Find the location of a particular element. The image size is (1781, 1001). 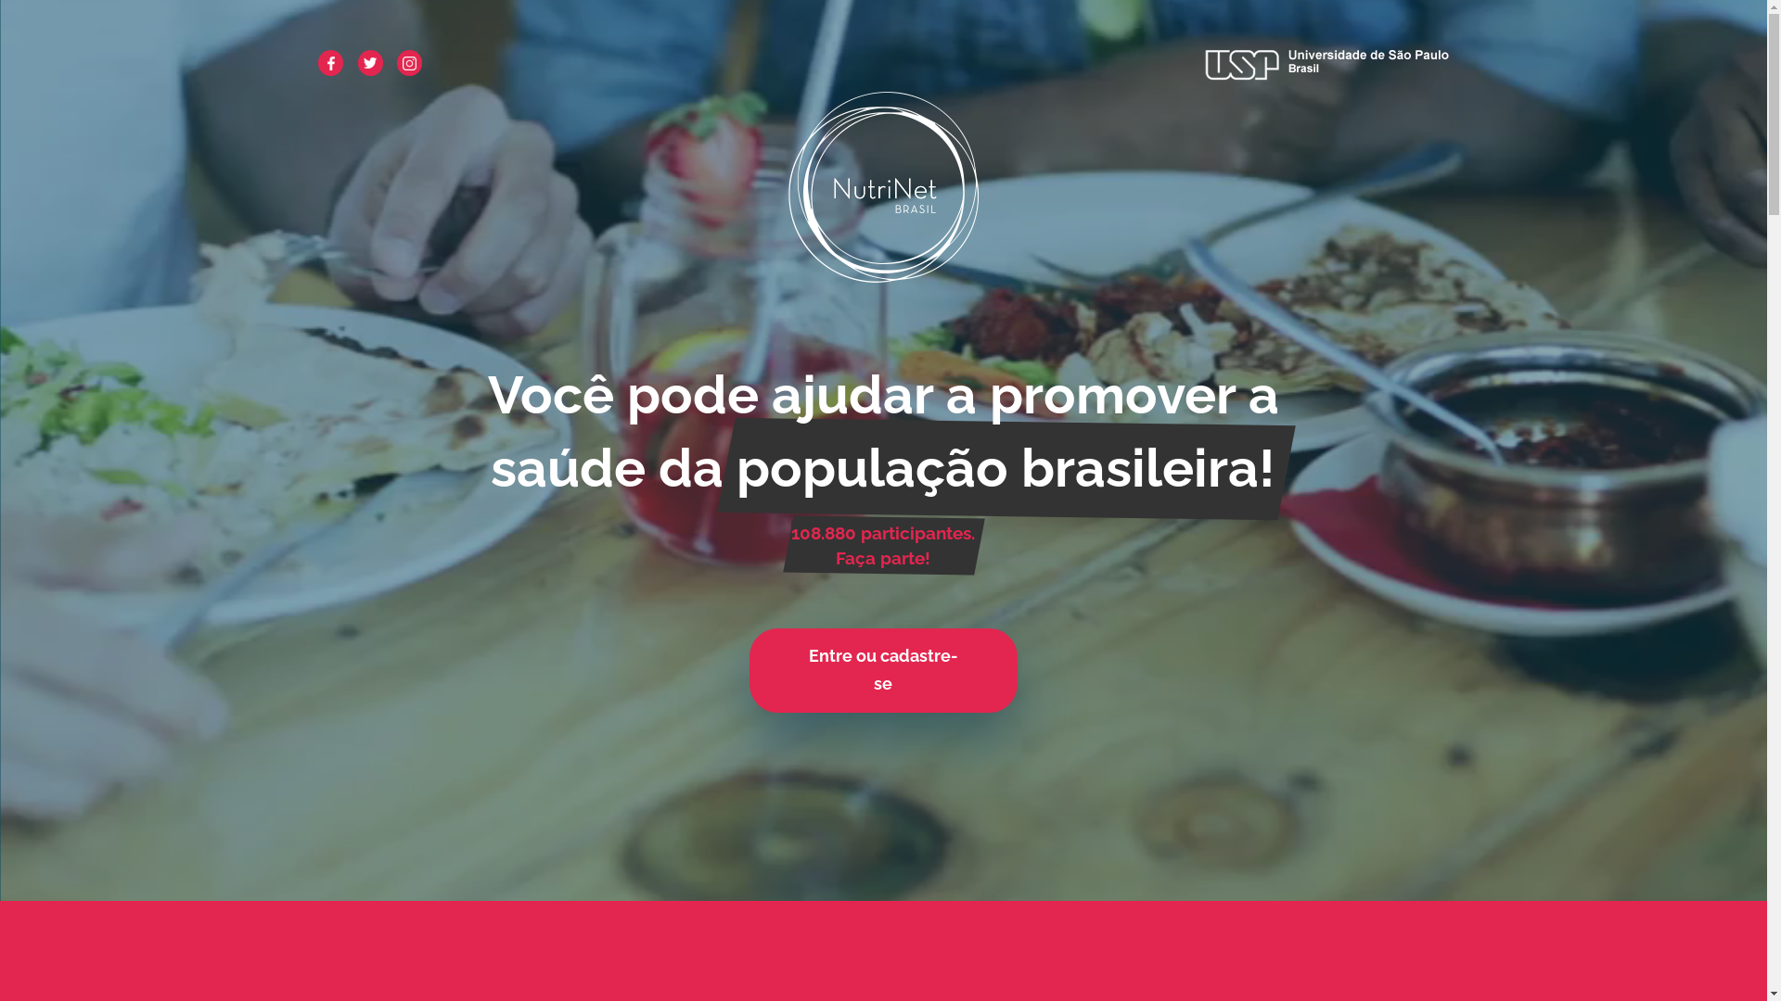

'Entre ou cadastre-se' is located at coordinates (881, 671).